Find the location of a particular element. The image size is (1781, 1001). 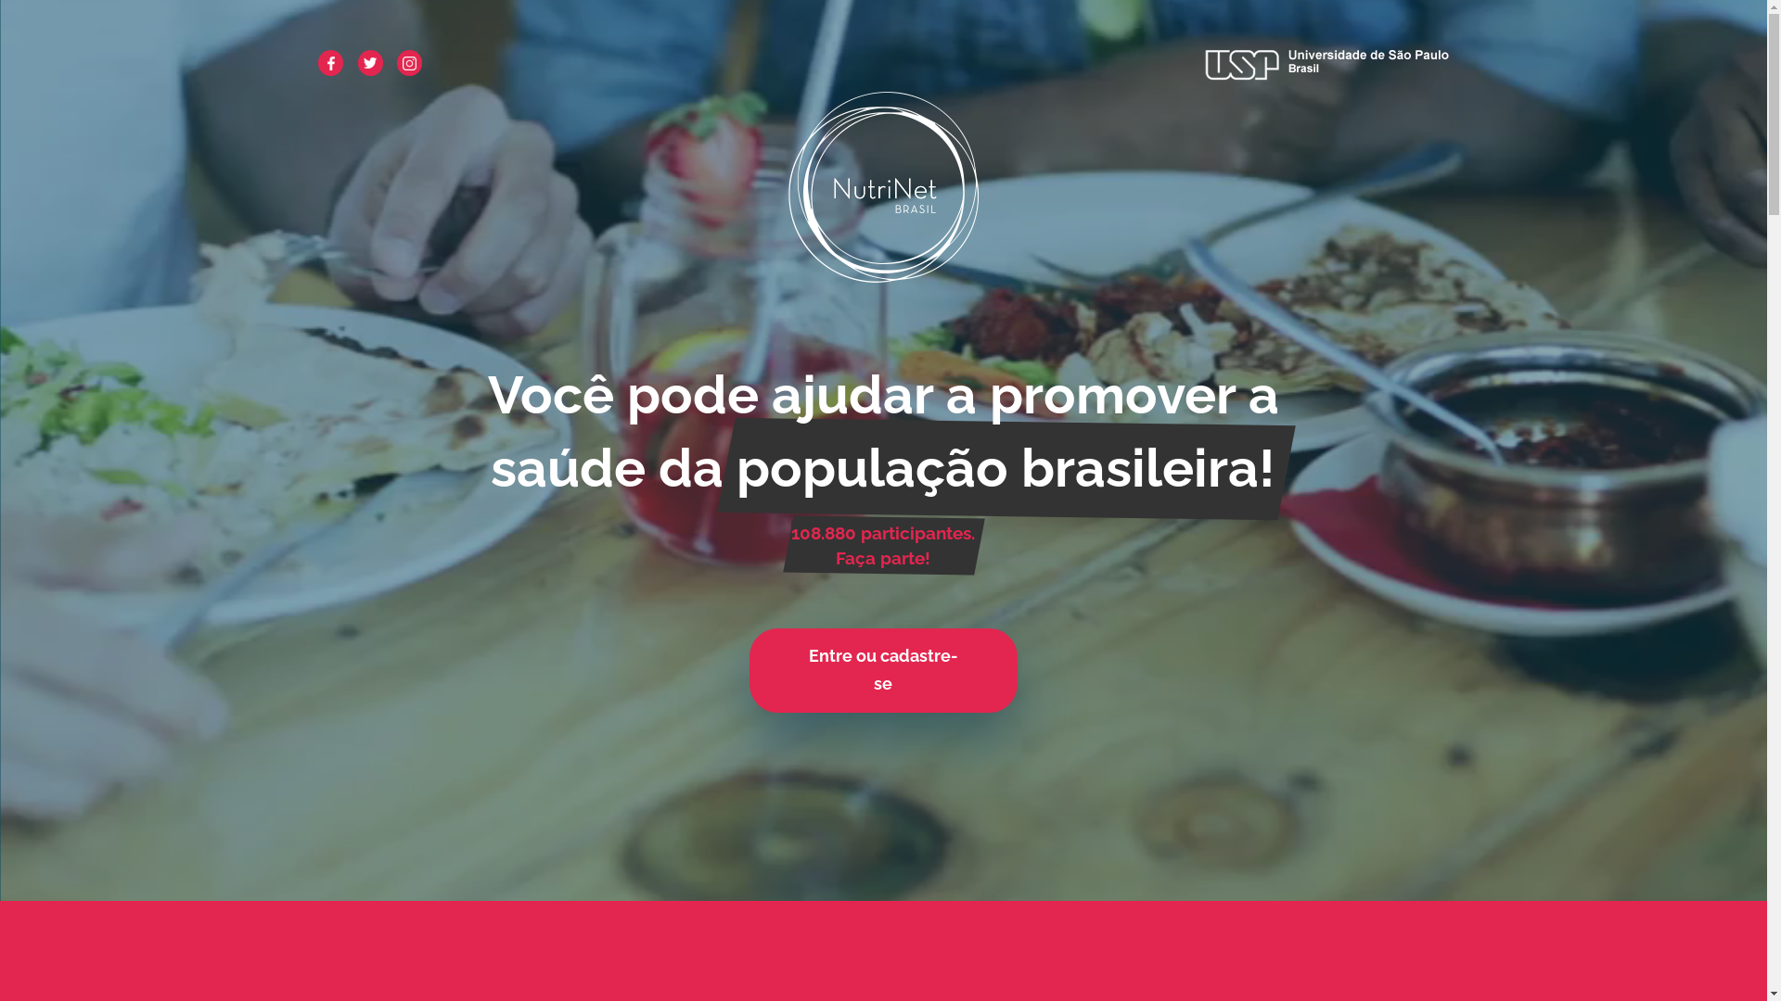

'Entre ou cadastre-se' is located at coordinates (881, 671).